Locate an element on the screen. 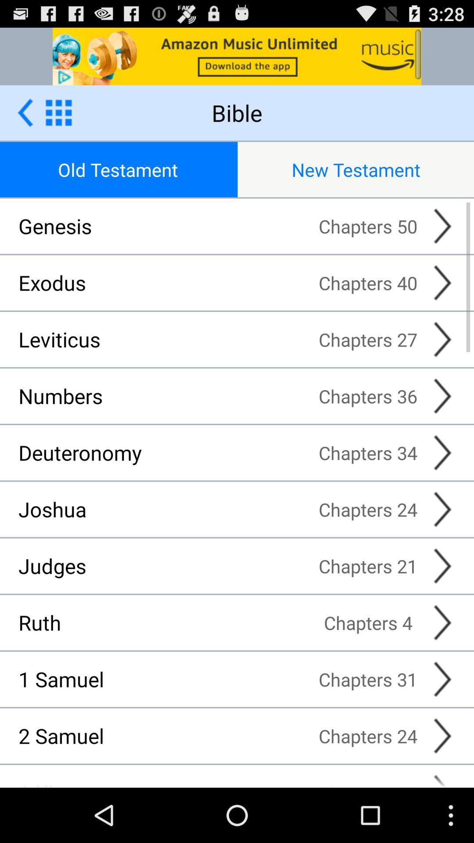 The image size is (474, 843). the dialpad icon is located at coordinates (58, 120).